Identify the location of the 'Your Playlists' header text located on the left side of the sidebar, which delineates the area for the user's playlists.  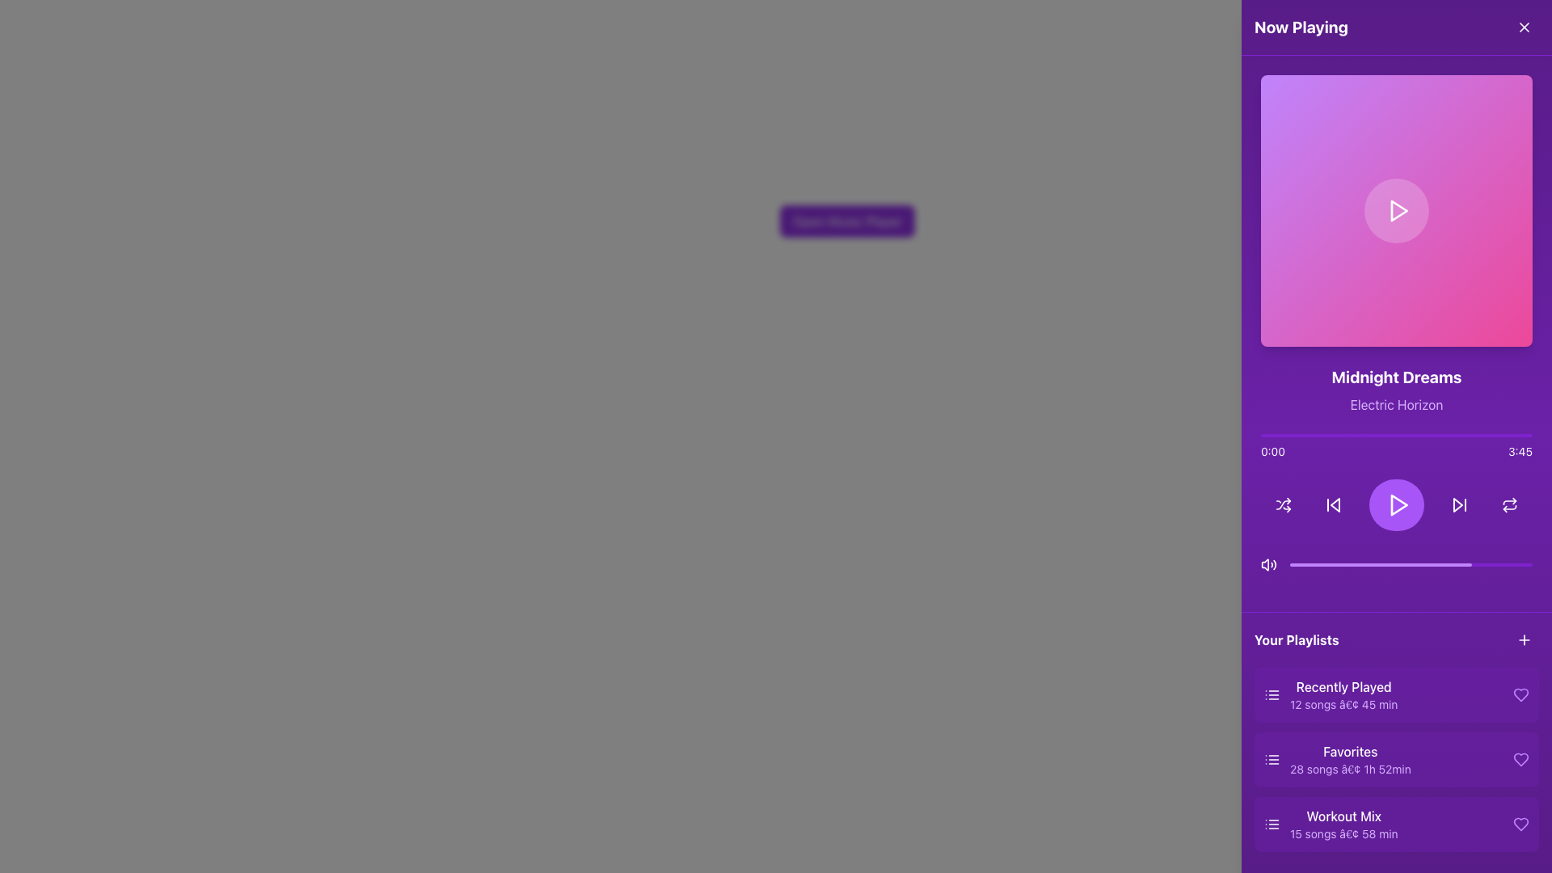
(1297, 639).